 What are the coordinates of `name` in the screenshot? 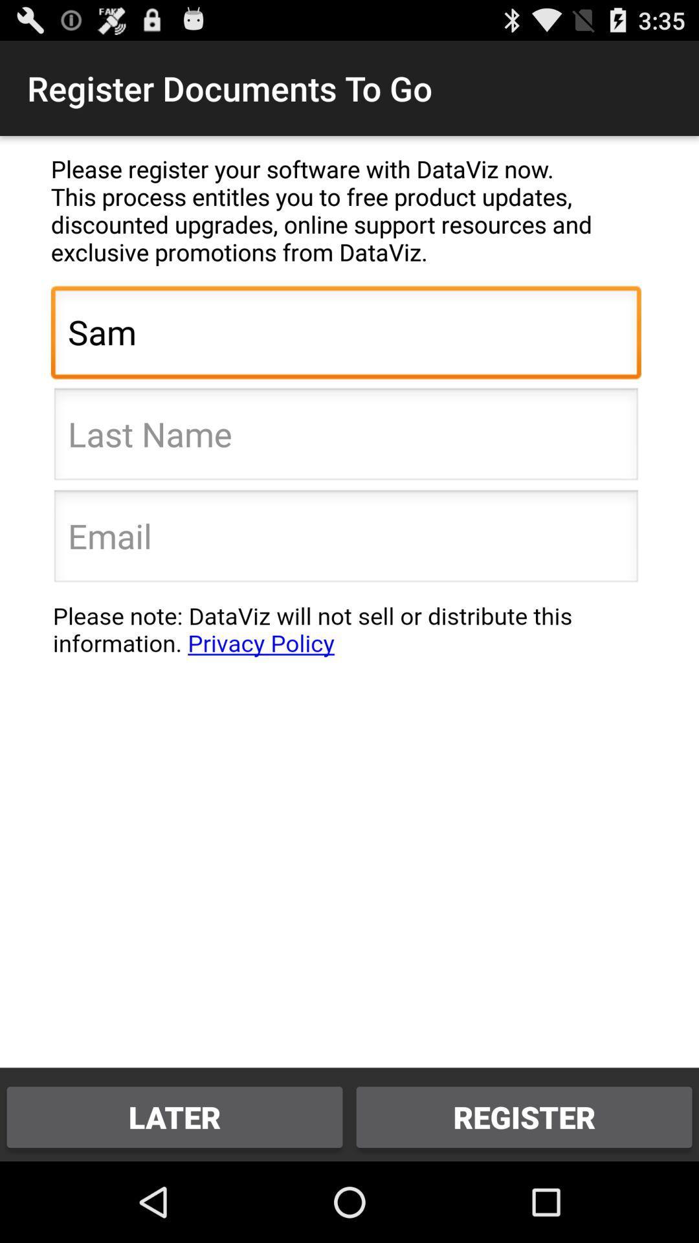 It's located at (345, 438).